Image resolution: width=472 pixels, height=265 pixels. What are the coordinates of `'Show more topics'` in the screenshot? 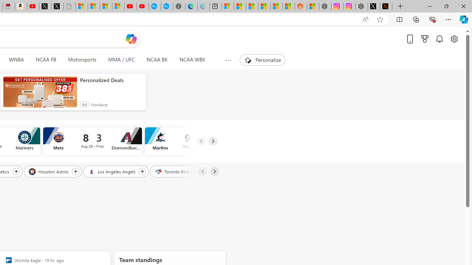 It's located at (228, 60).